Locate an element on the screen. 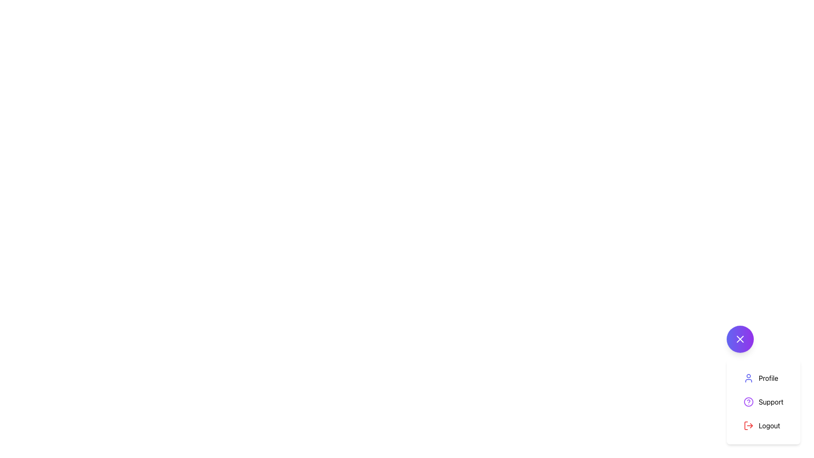 The height and width of the screenshot is (458, 814). the navigation menu located in the bottom right corner, which provides access to user profile options, support resources, and logout feature is located at coordinates (763, 402).